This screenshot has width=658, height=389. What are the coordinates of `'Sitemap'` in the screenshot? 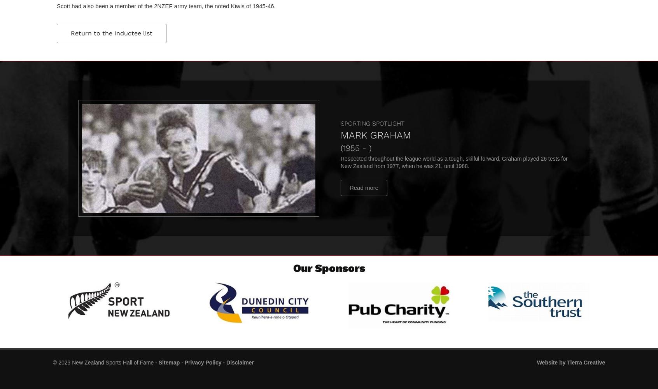 It's located at (168, 362).